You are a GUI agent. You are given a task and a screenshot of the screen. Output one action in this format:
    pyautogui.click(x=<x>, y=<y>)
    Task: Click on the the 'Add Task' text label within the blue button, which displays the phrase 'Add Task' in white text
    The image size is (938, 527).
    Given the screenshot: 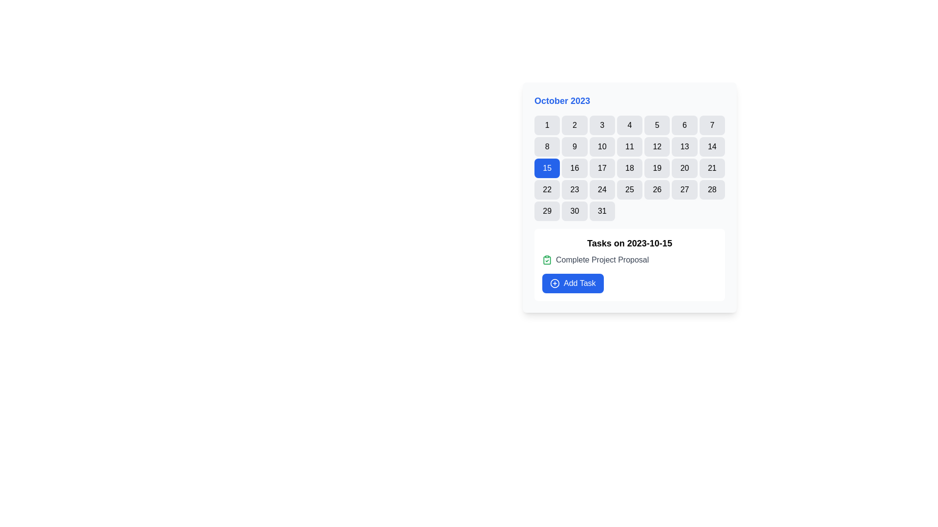 What is the action you would take?
    pyautogui.click(x=579, y=284)
    